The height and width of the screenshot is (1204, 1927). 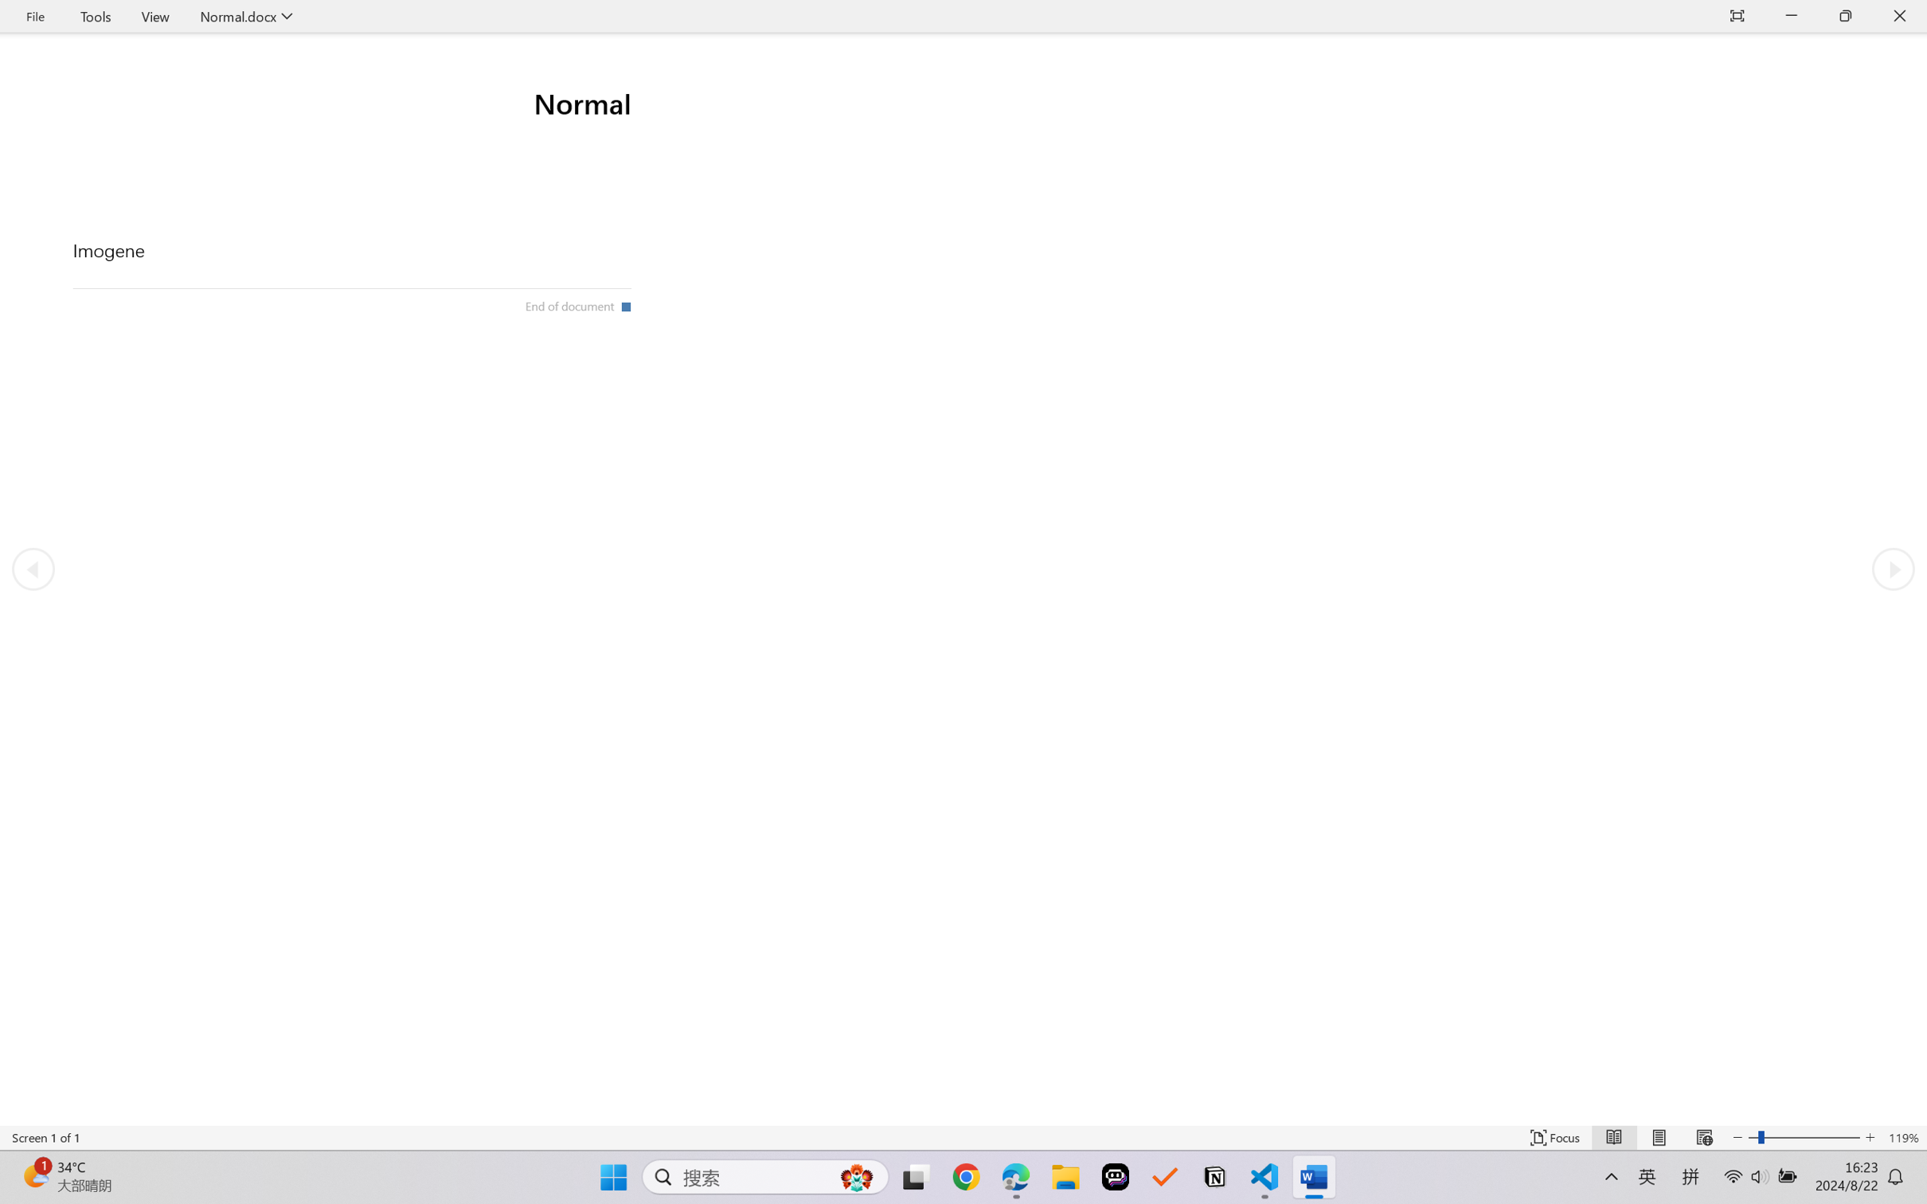 I want to click on 'Text Size', so click(x=1804, y=1137).